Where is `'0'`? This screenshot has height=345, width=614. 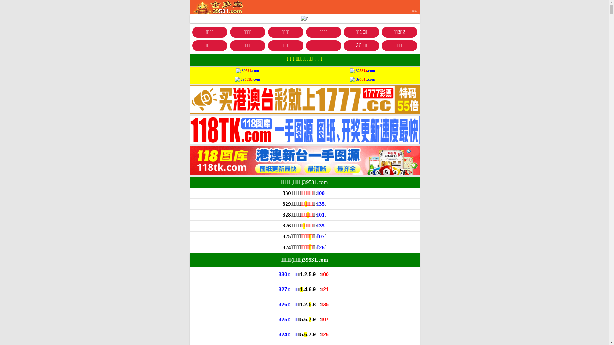 '0' is located at coordinates (300, 19).